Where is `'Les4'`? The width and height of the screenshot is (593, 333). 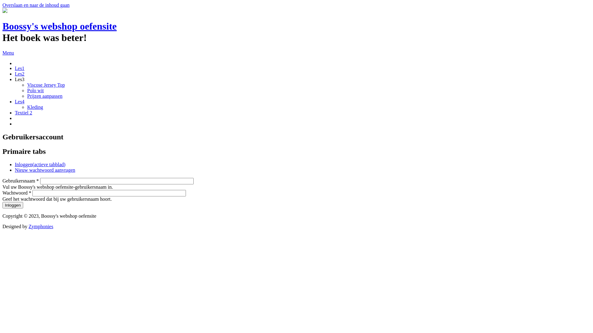
'Les4' is located at coordinates (19, 101).